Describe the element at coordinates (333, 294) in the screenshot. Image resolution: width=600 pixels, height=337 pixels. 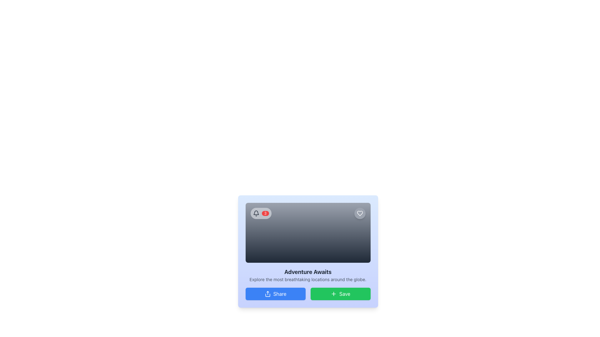
I see `the icon within the green 'Save' button, which is located to the right of the blue 'Share' button at the bottom of the card layout` at that location.